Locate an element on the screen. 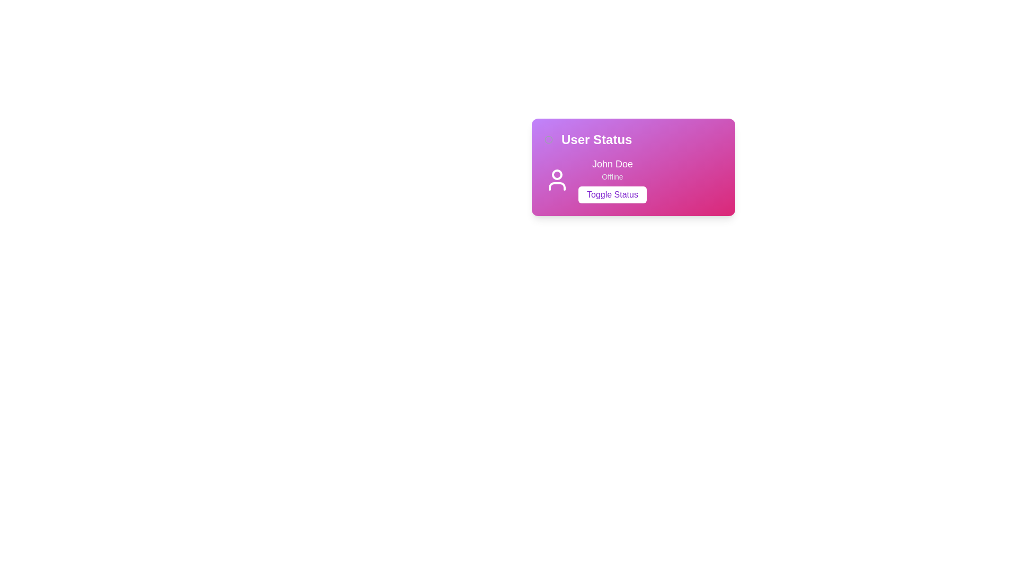 This screenshot has height=572, width=1017. the circular graphic element on the left side of the panel containing 'User Status' is located at coordinates (549, 139).